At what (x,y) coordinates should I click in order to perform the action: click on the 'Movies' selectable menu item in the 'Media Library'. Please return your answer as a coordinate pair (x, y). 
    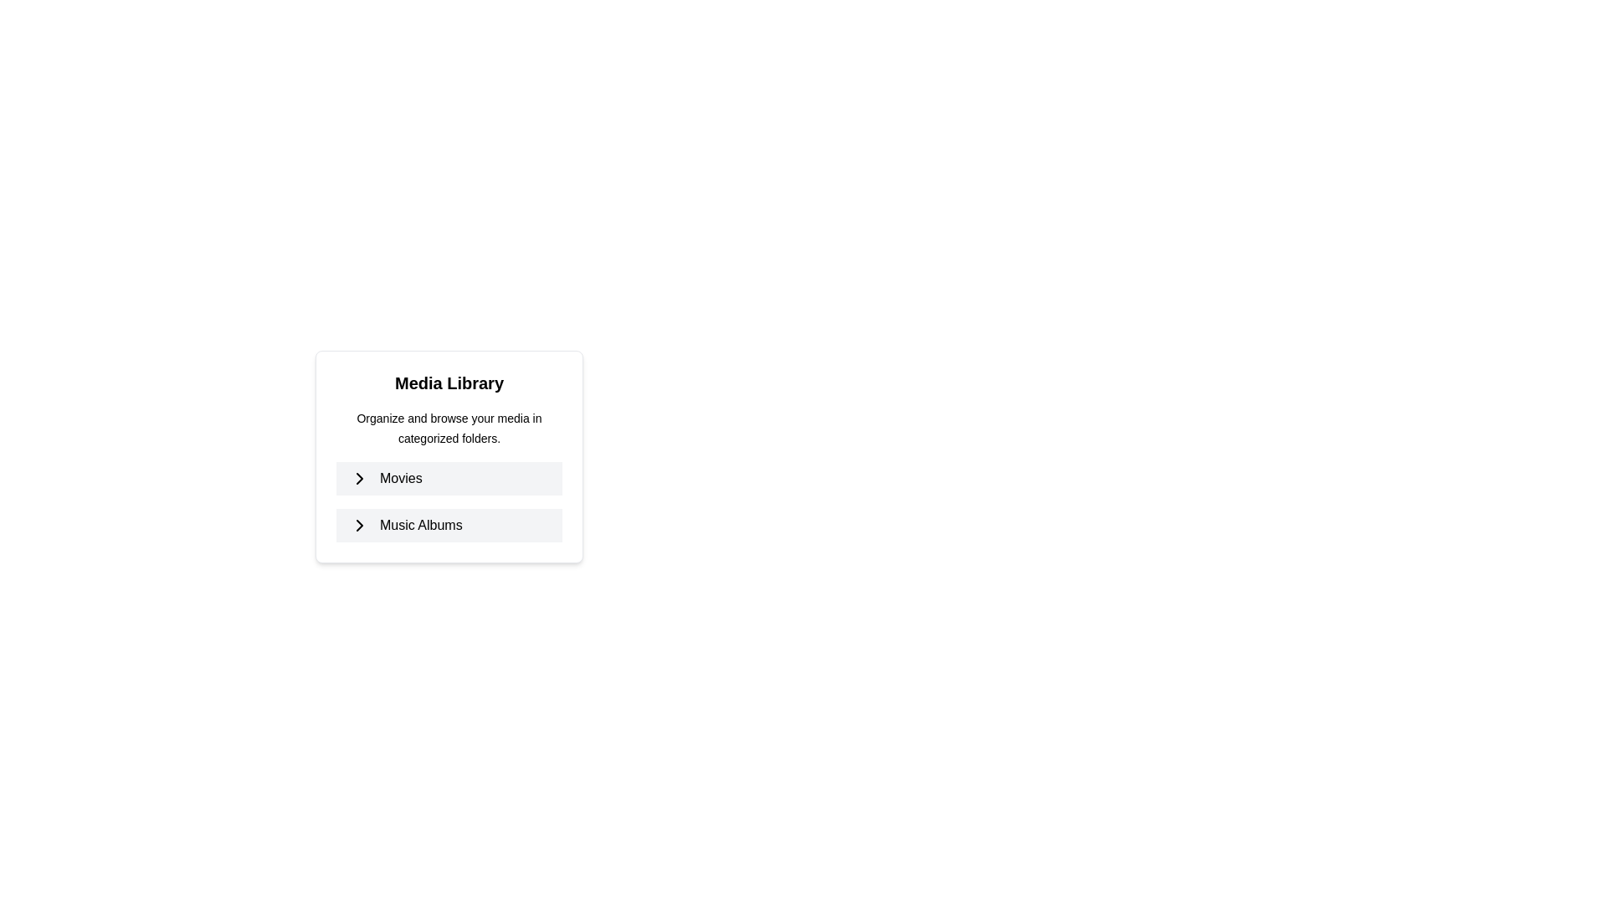
    Looking at the image, I should click on (449, 478).